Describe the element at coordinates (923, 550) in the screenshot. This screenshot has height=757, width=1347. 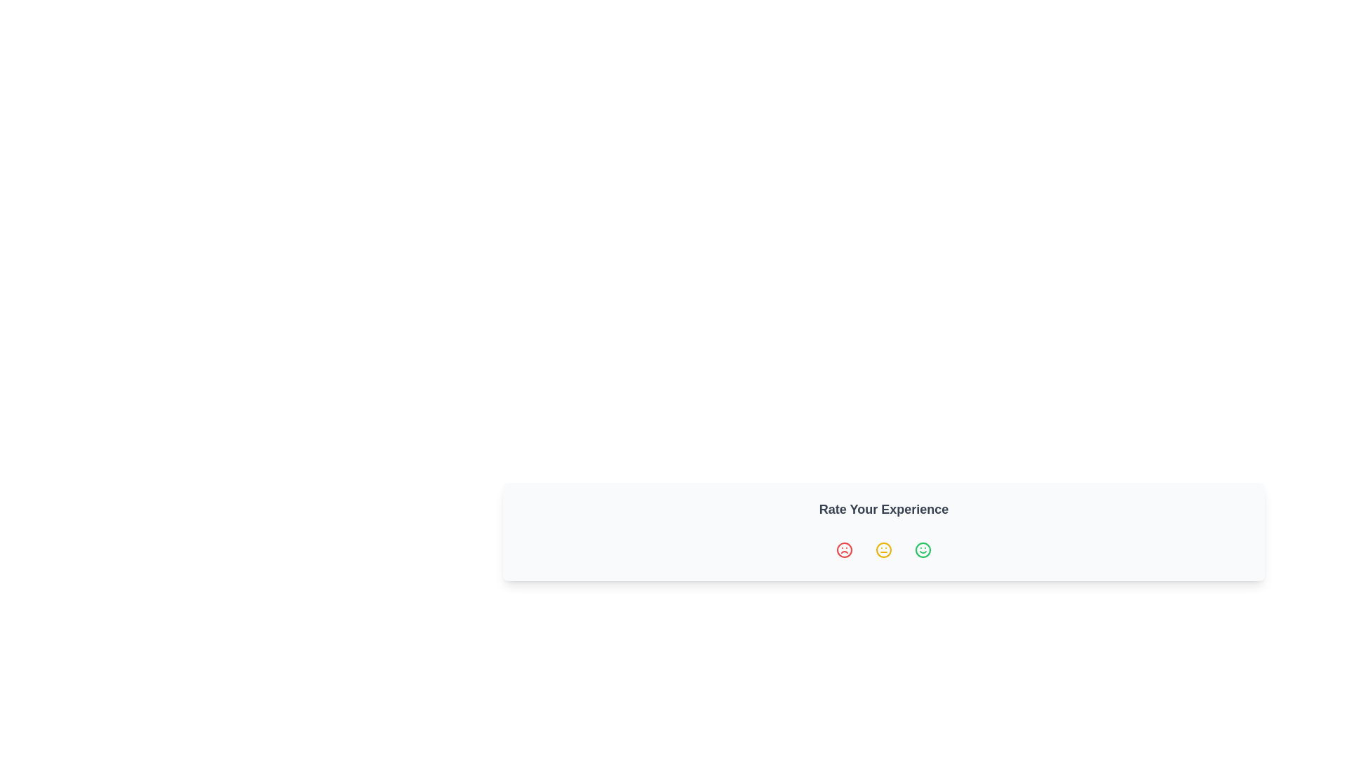
I see `the 'Very Satisfied' smiley face icon, which is the rightmost icon in the row of three under the 'Rate Your Experience' section` at that location.